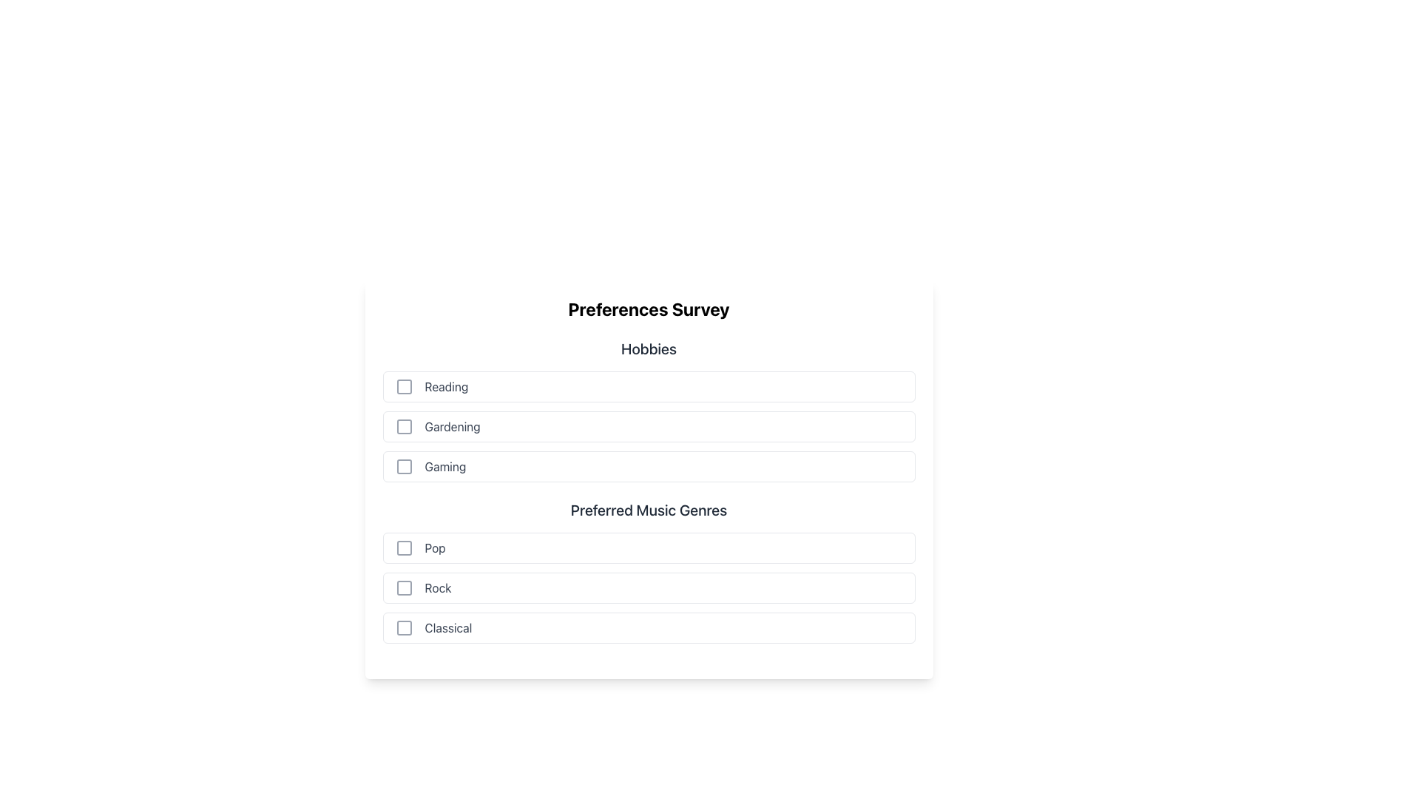 The height and width of the screenshot is (799, 1420). What do you see at coordinates (649, 587) in the screenshot?
I see `the 'Rock' checkbox option under the 'Preferred Music Genres' section to trigger its hover state` at bounding box center [649, 587].